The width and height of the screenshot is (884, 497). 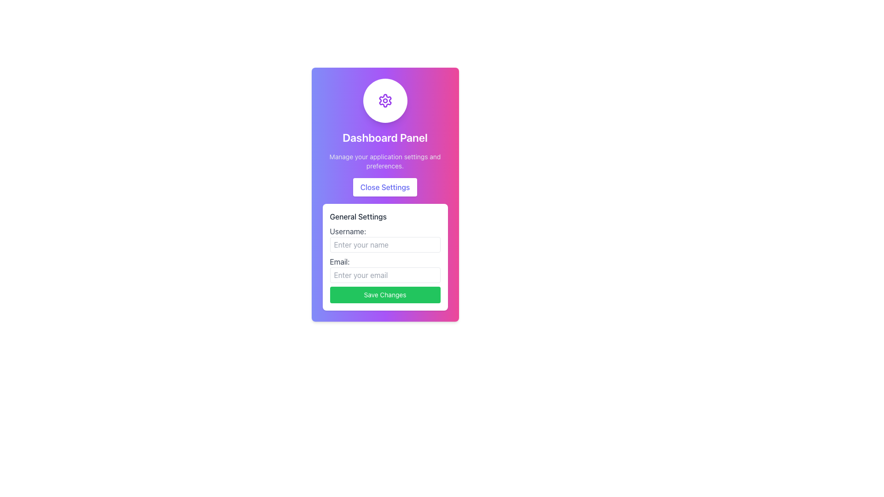 I want to click on the text label displaying 'Manage your application settings and preferences.' which is styled with a small text size and gray color, located between the 'Dashboard Panel' heading and the 'Close Settings' button, so click(x=385, y=161).